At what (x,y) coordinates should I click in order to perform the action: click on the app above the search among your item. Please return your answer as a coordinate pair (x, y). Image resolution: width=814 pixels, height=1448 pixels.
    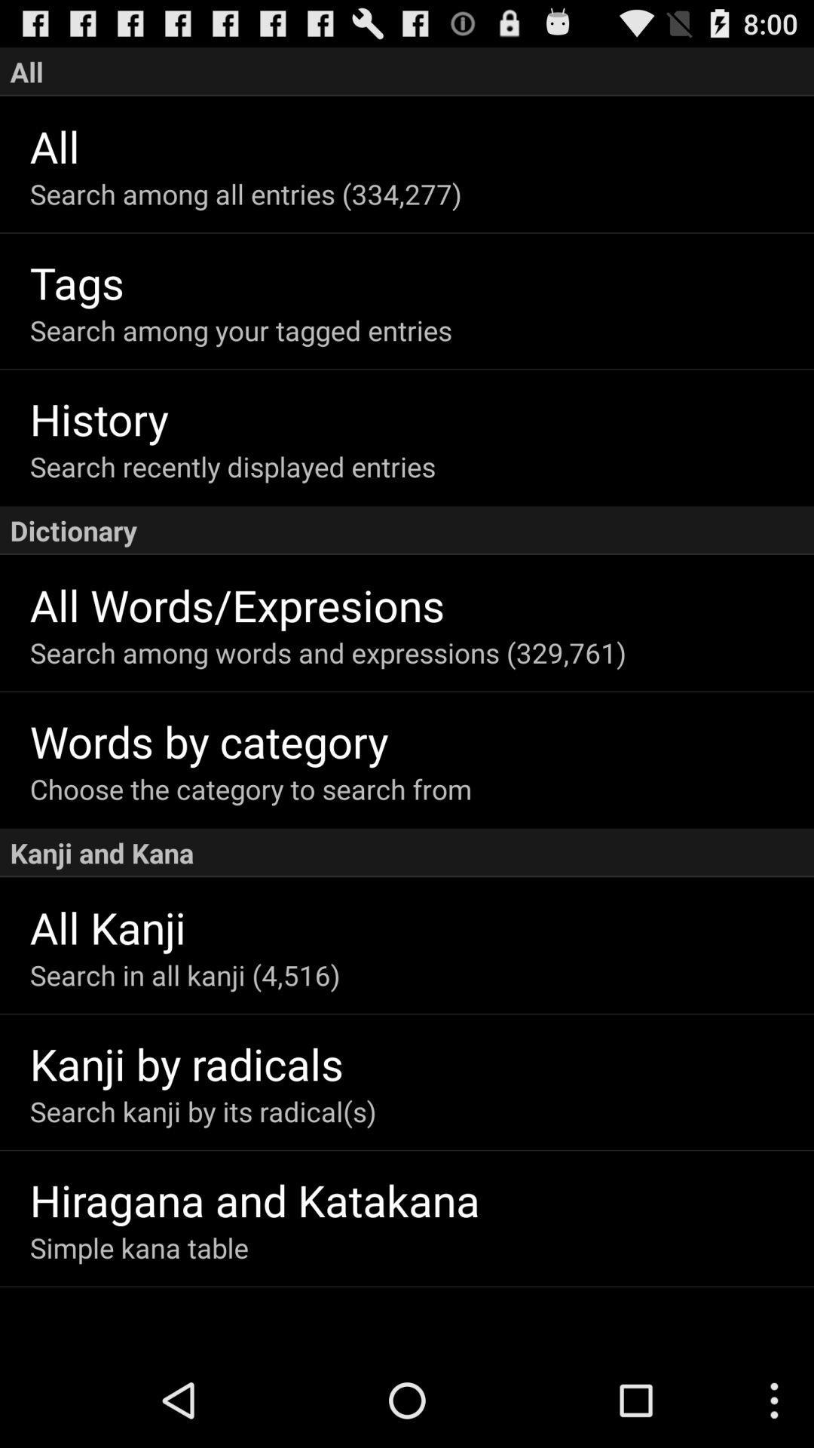
    Looking at the image, I should click on (421, 282).